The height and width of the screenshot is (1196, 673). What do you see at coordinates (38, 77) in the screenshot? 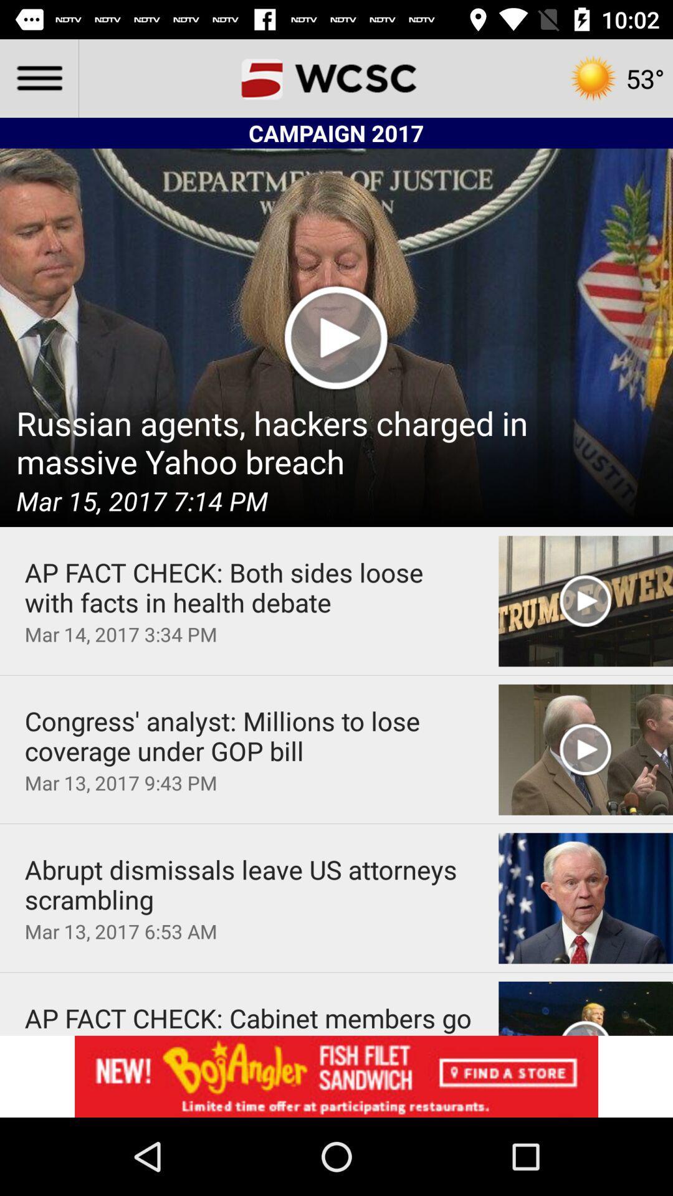
I see `the menu icon` at bounding box center [38, 77].